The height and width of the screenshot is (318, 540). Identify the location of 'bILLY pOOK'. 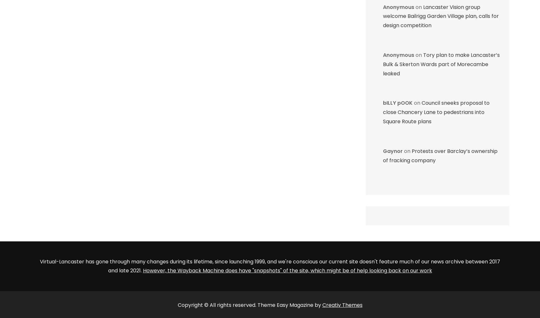
(398, 102).